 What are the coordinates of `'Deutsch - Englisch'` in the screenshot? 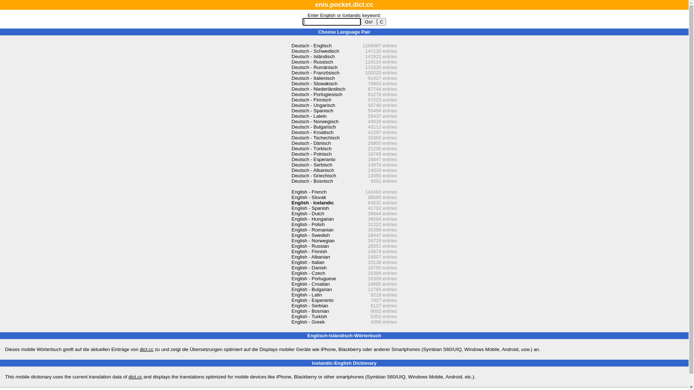 It's located at (291, 45).